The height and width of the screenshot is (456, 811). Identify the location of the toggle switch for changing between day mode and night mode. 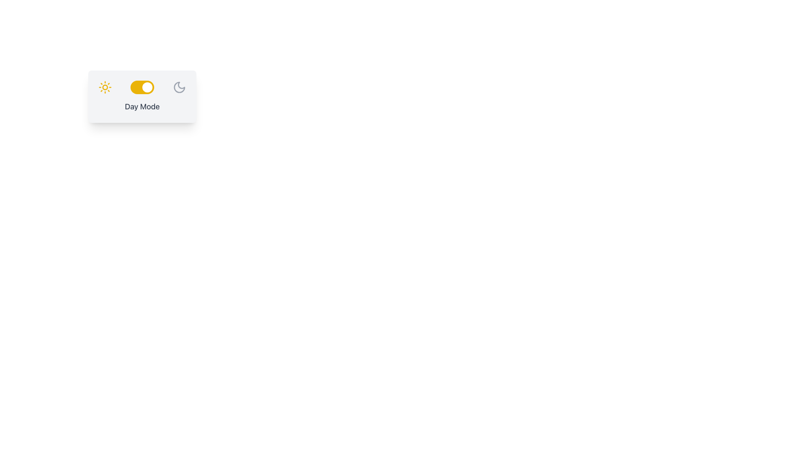
(142, 87).